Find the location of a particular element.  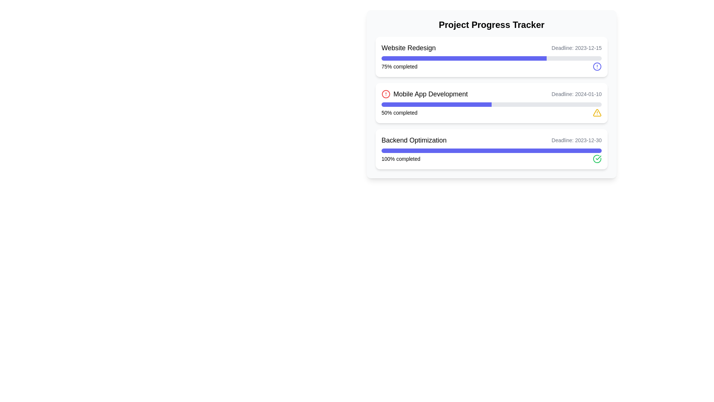

the text label reading 'Deadline: 2024-01-10' located at the bottom right of the 'Mobile App Development' section in the project progress tracker interface is located at coordinates (576, 94).